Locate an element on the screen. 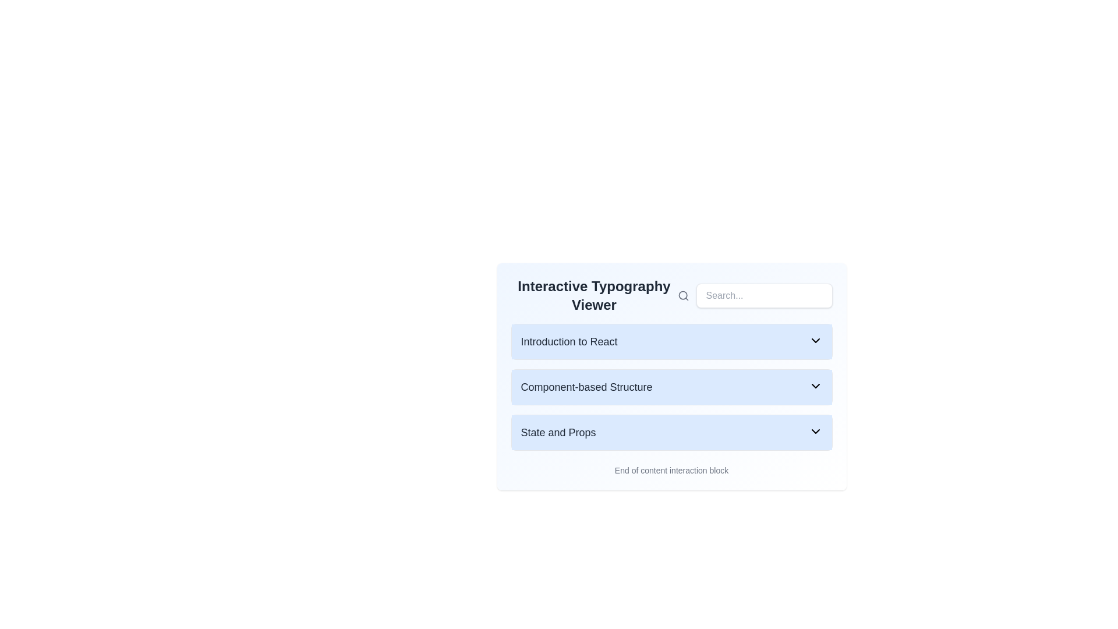 The height and width of the screenshot is (629, 1118). the Decorative SVG circle located within the magnifying glass icon to the right of the text input box in the 'Interactive Typography Viewer' interface is located at coordinates (682, 295).